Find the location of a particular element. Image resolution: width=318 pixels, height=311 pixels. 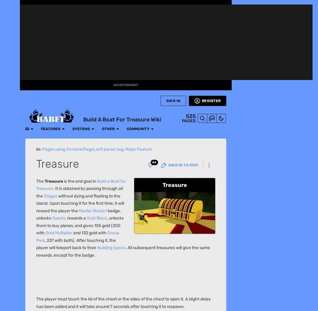

'Video' is located at coordinates (10, 173).